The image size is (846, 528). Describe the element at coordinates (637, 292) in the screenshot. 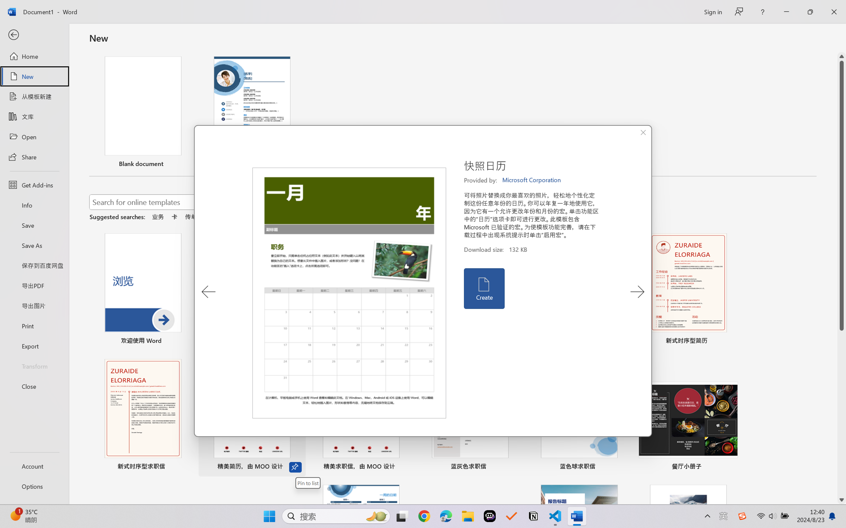

I see `'Next Template'` at that location.